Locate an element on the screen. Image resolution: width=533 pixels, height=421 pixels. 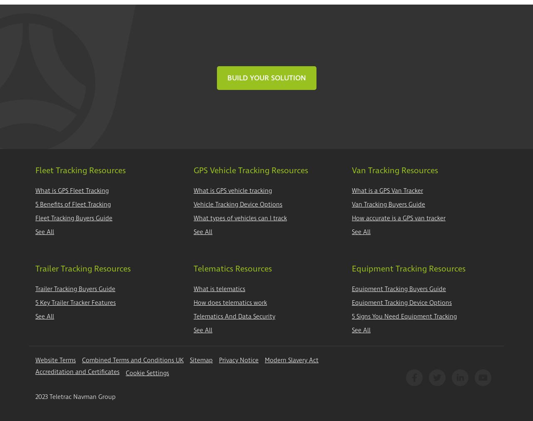
'5 Signs You Need Equipment Tracking' is located at coordinates (352, 316).